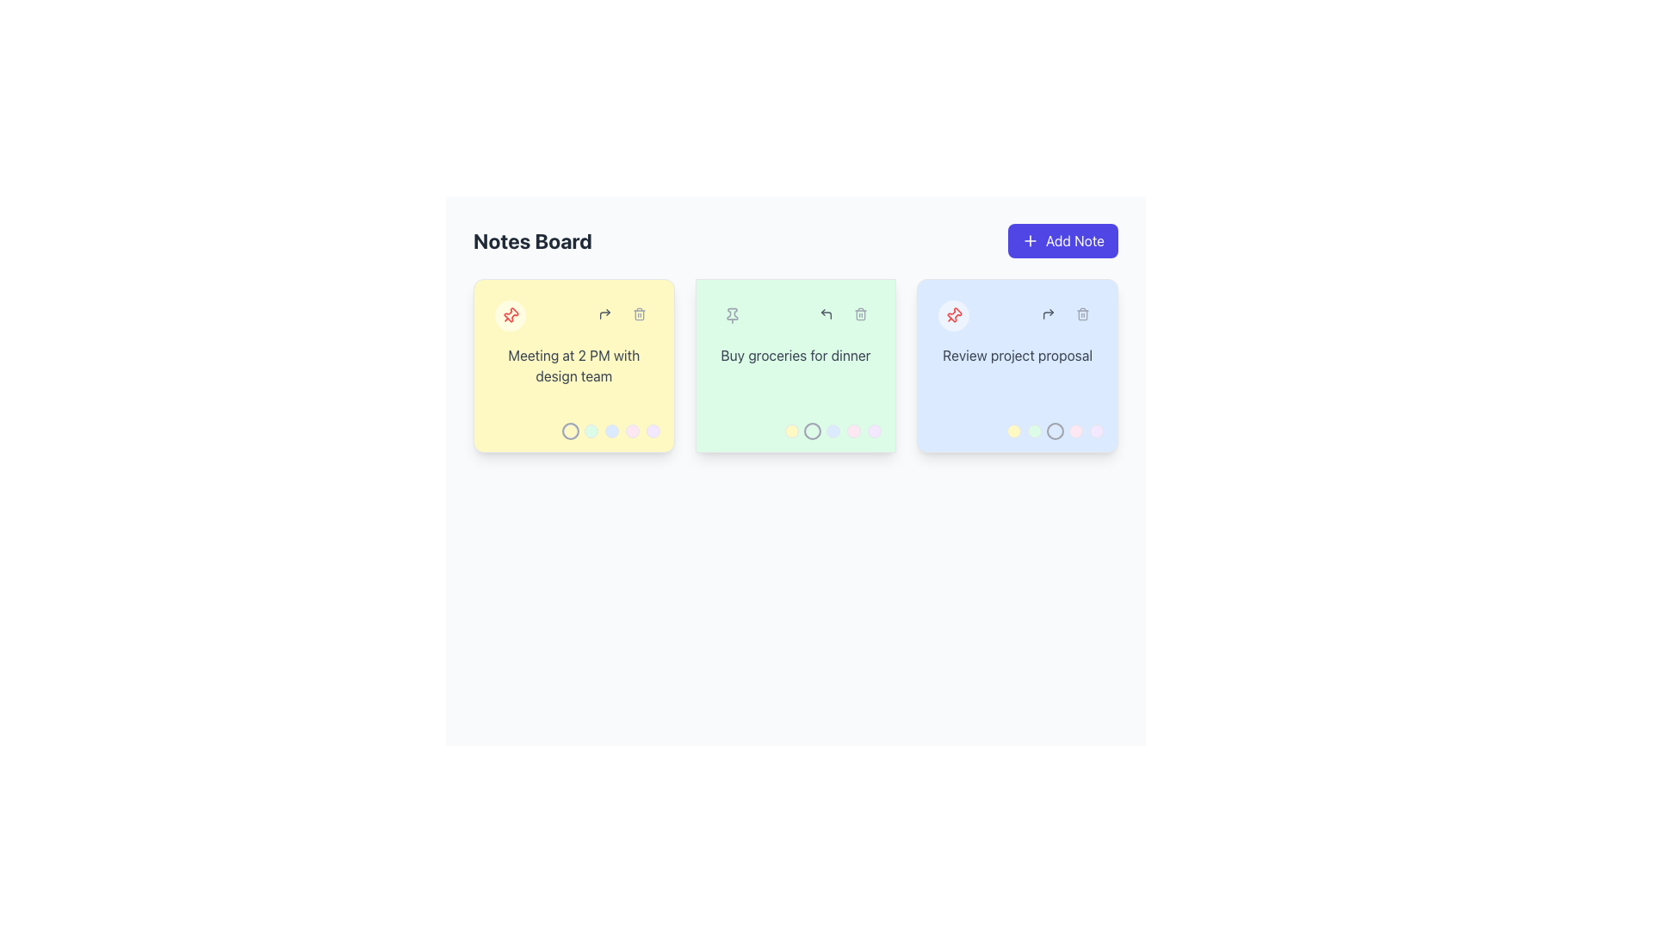  I want to click on the delete icon button located in the top right corner of the yellow card titled 'Meeting at 2 PM with design team', so click(638, 314).